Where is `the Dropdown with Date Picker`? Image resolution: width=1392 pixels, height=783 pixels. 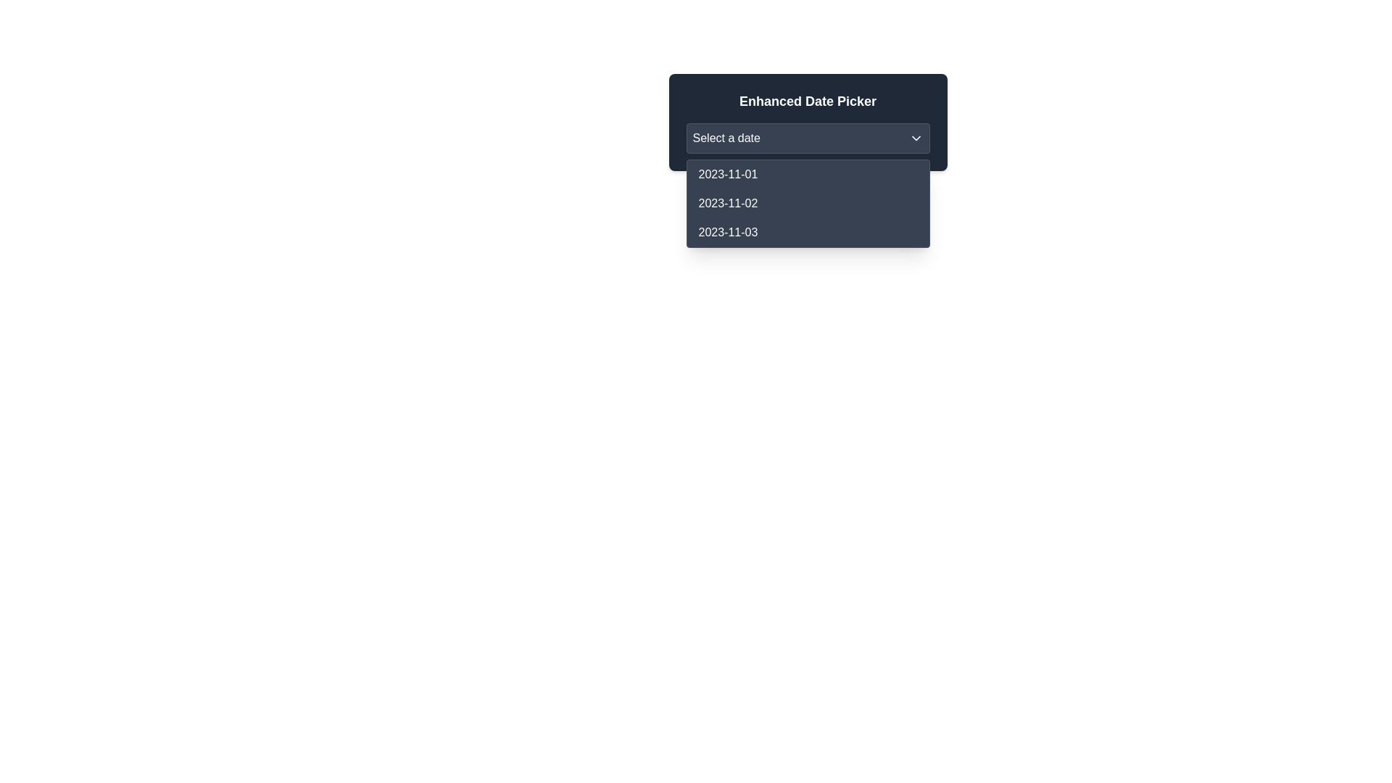
the Dropdown with Date Picker is located at coordinates (807, 122).